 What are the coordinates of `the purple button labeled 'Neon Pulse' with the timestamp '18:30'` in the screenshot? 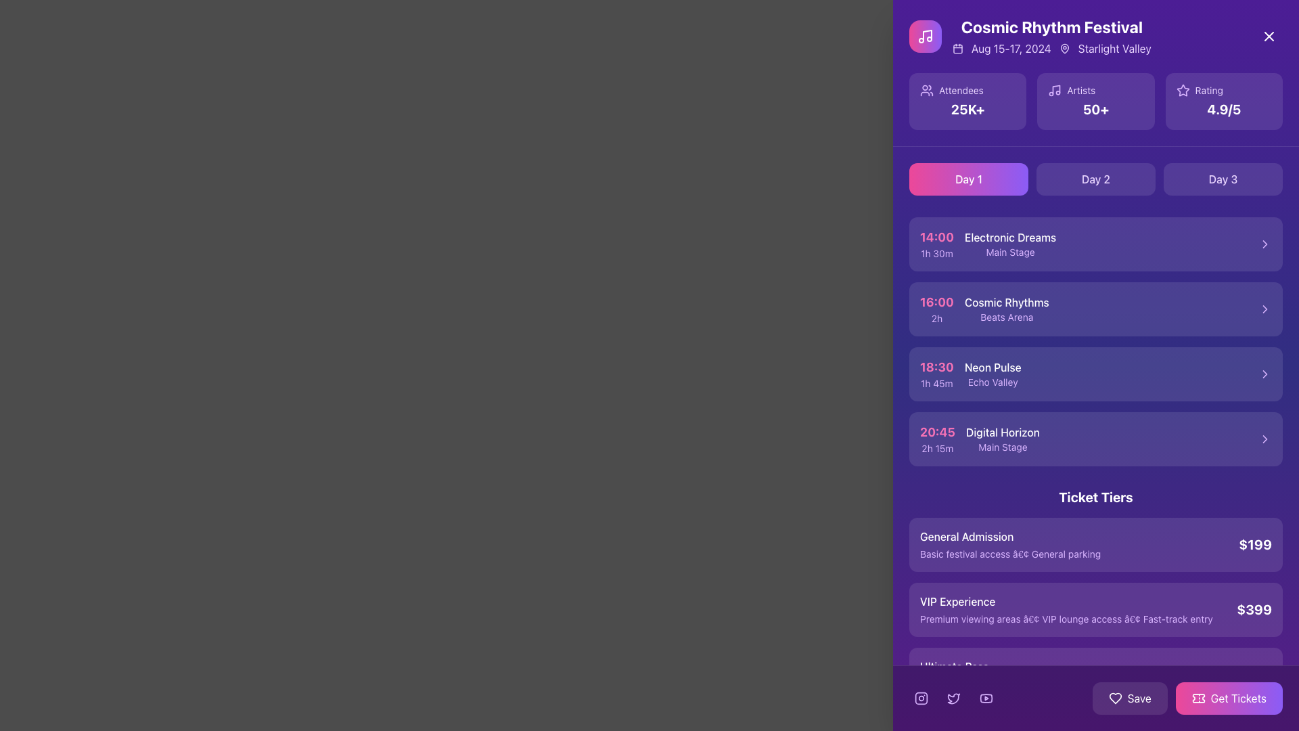 It's located at (1096, 374).